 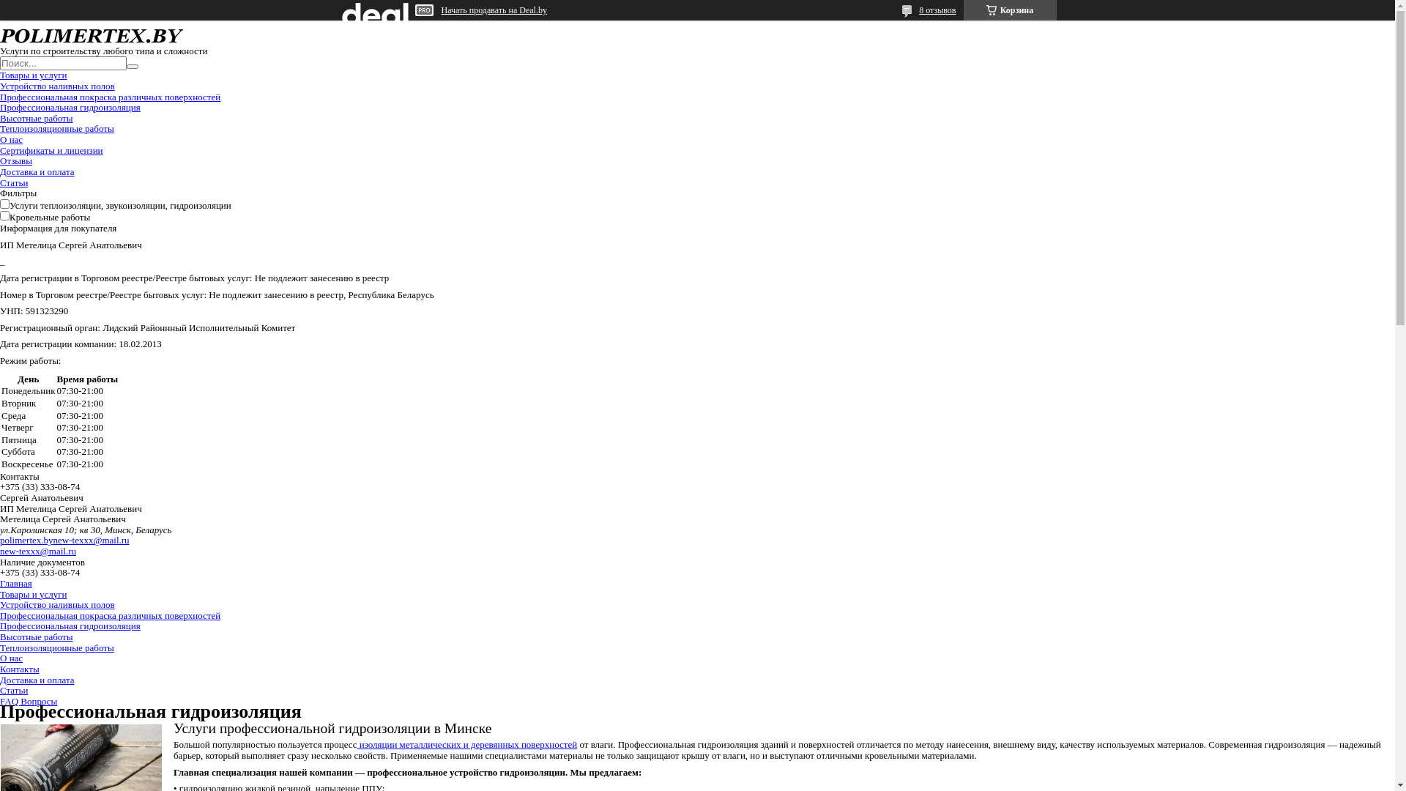 What do you see at coordinates (90, 540) in the screenshot?
I see `'new-texxx@mail.ru'` at bounding box center [90, 540].